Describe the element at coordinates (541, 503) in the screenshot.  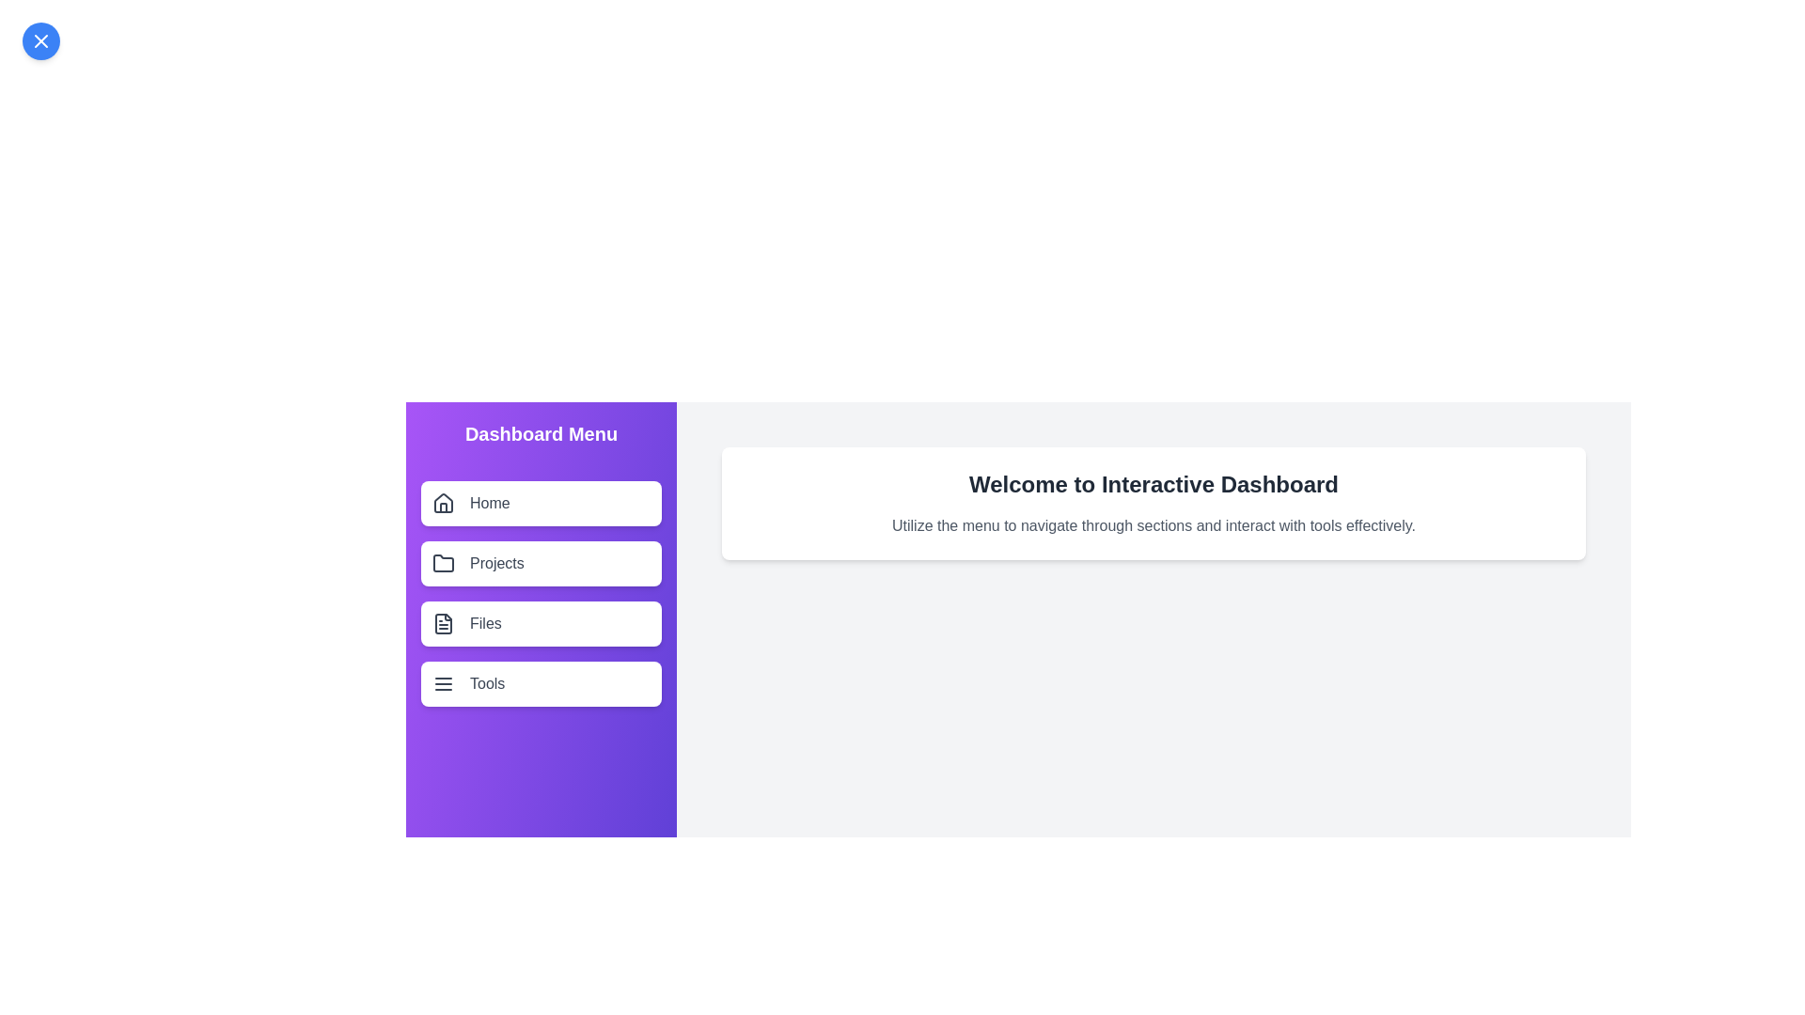
I see `the menu item labeled Home to navigate to its corresponding section` at that location.